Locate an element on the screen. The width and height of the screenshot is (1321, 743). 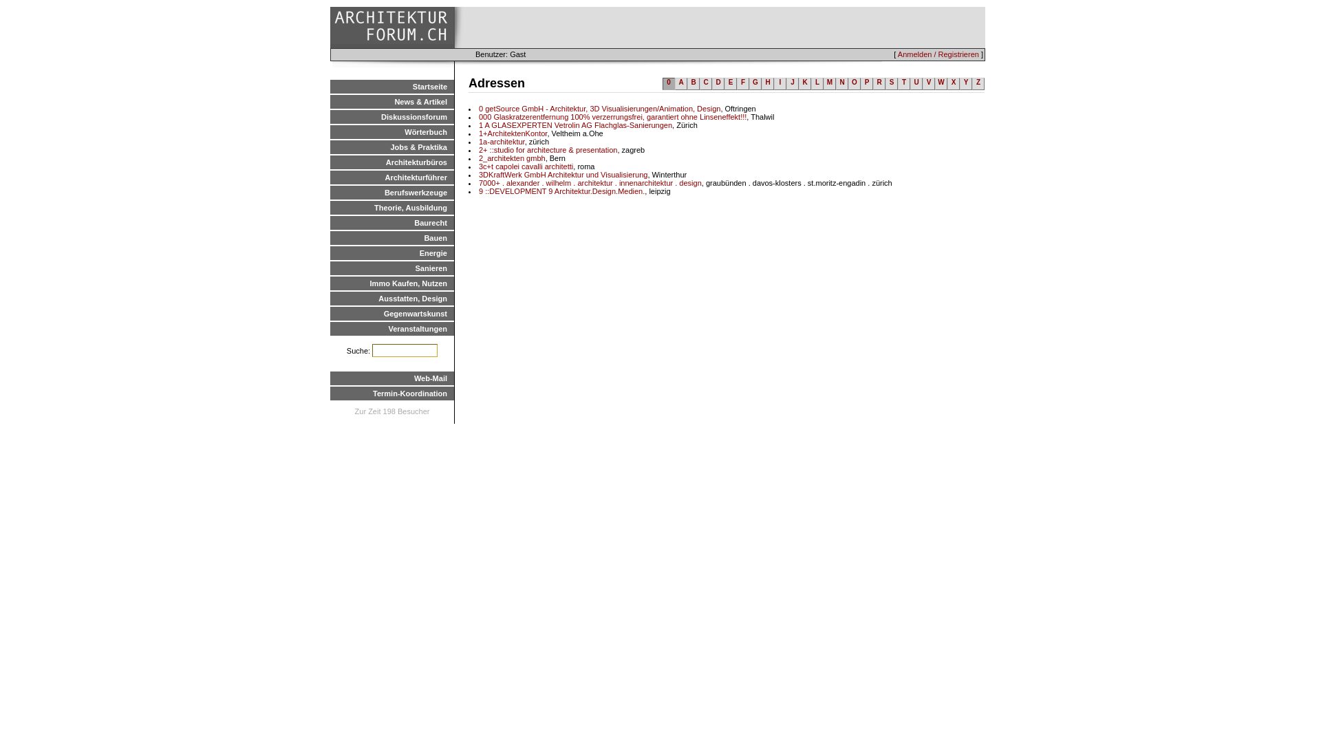
'Berufswerkzeuge' is located at coordinates (330, 193).